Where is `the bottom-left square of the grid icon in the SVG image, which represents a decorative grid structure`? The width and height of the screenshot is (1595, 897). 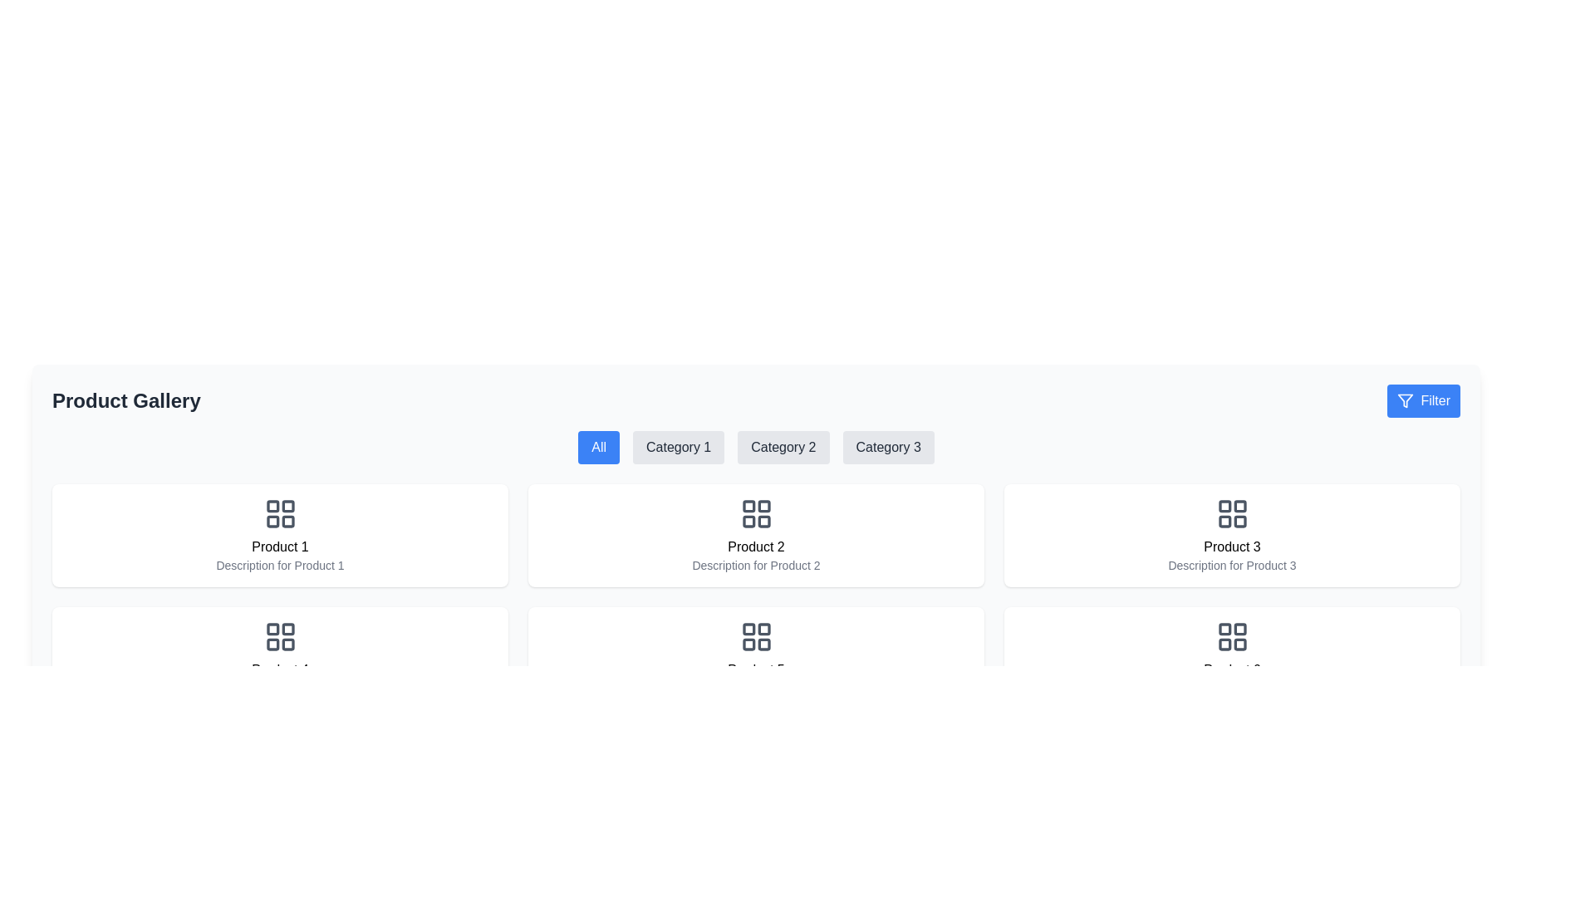 the bottom-left square of the grid icon in the SVG image, which represents a decorative grid structure is located at coordinates (272, 643).